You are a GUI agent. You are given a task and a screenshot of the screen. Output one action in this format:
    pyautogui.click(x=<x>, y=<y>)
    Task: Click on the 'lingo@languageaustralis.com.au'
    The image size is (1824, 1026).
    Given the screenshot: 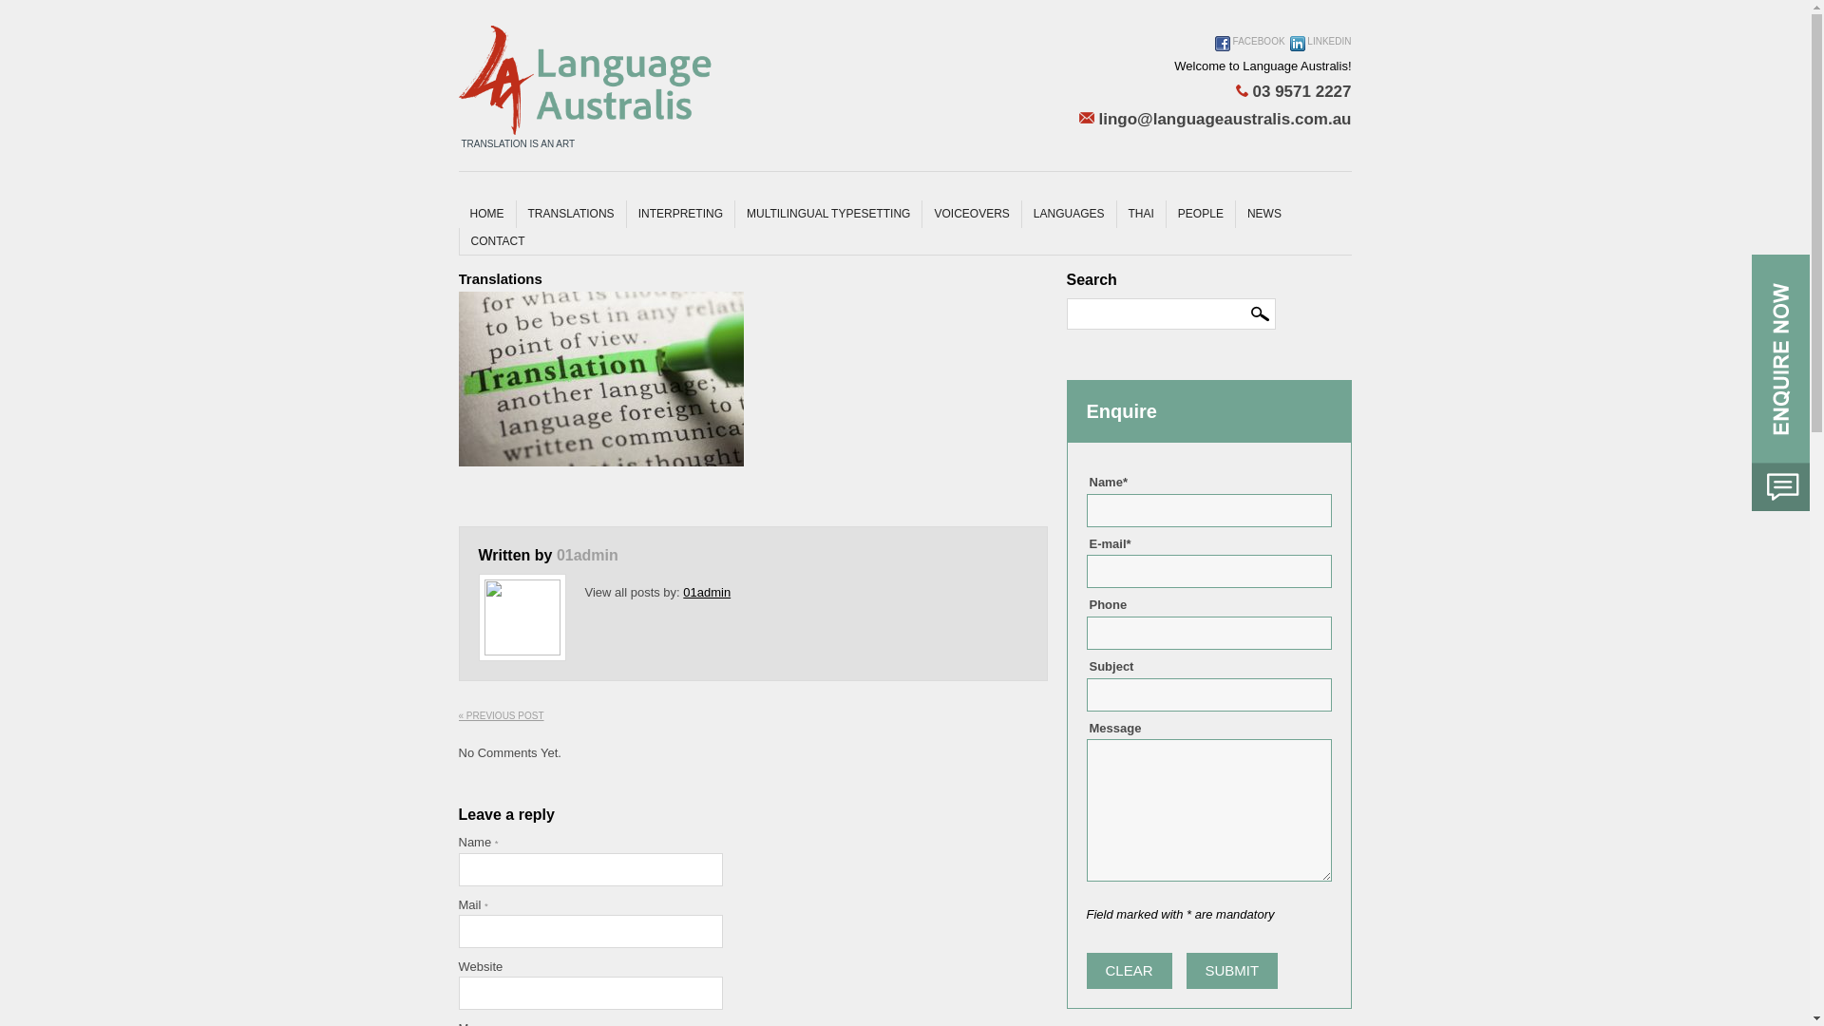 What is the action you would take?
    pyautogui.click(x=1079, y=120)
    